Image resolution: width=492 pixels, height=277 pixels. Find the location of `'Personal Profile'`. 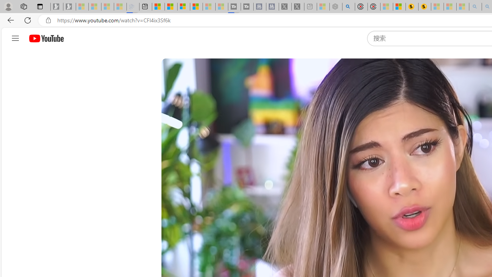

'Personal Profile' is located at coordinates (8, 6).